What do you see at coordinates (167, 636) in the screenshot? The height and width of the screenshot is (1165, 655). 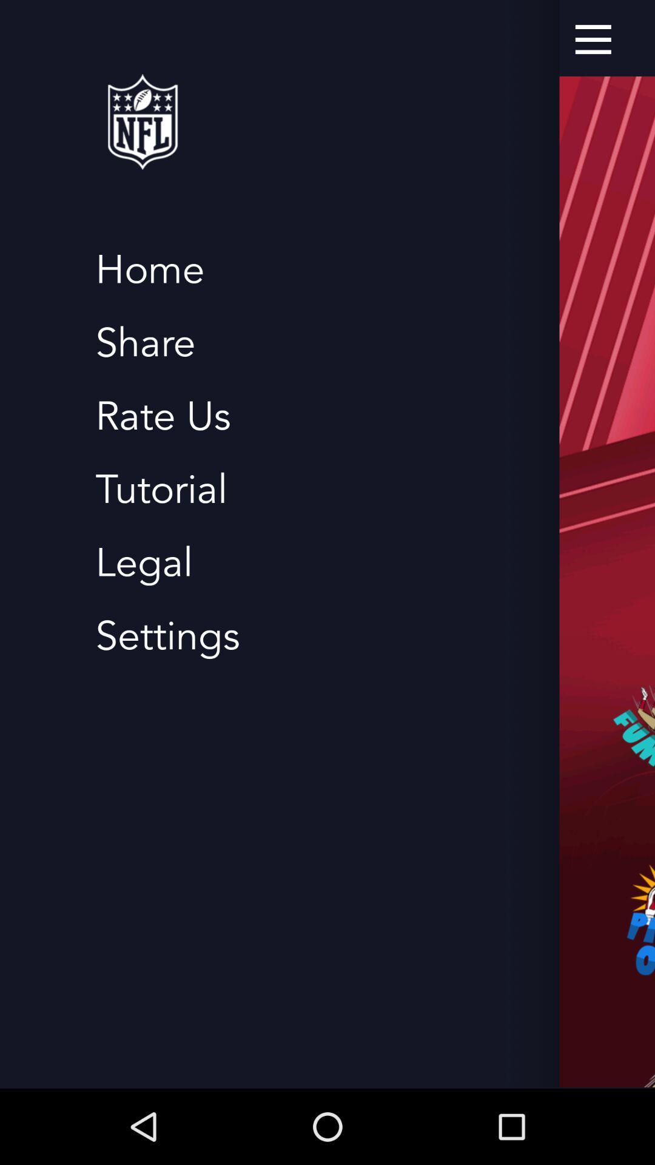 I see `item below legal icon` at bounding box center [167, 636].